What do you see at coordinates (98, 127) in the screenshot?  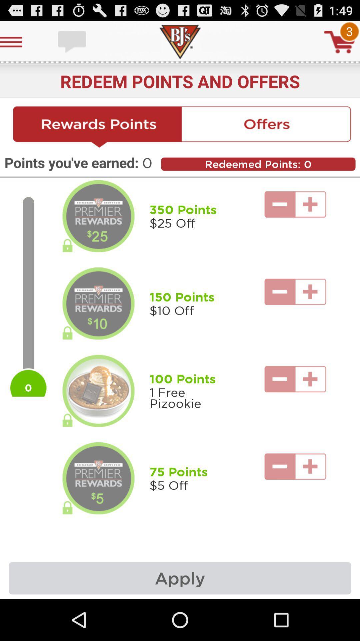 I see `reward points` at bounding box center [98, 127].